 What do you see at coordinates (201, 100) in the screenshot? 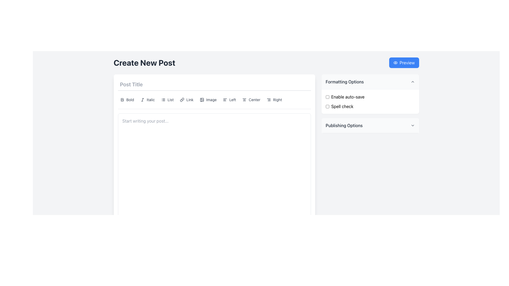
I see `the image icon located in the horizontal toolbar beneath the 'Post Title' heading` at bounding box center [201, 100].